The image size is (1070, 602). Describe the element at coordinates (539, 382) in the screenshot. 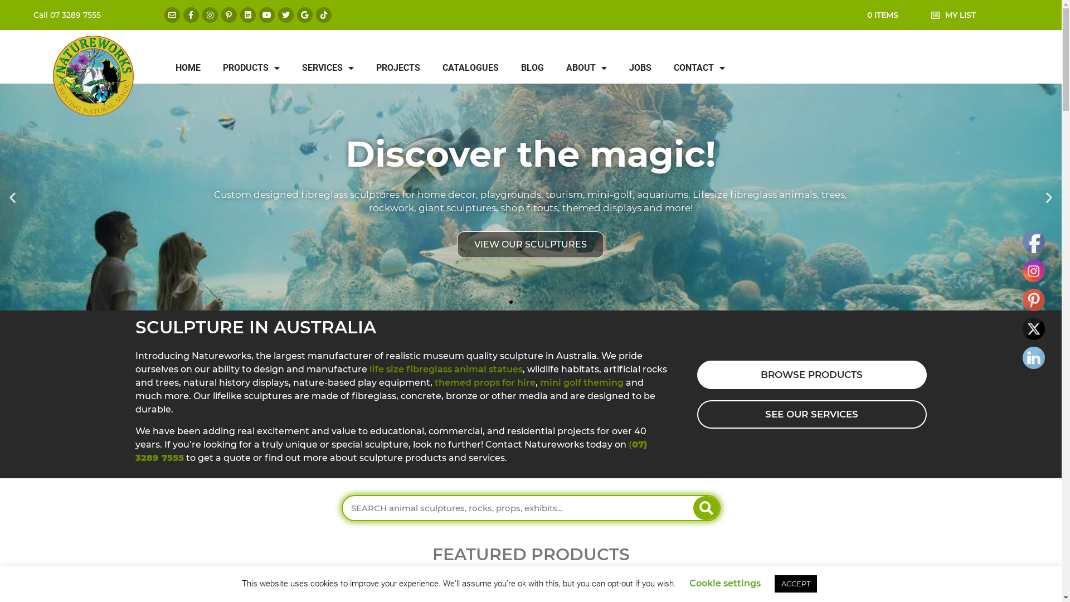

I see `'mini golf theming'` at that location.